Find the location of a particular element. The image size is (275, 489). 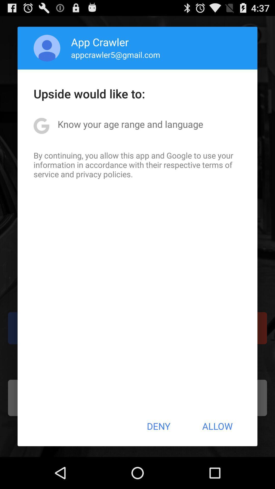

app crawler is located at coordinates (100, 42).